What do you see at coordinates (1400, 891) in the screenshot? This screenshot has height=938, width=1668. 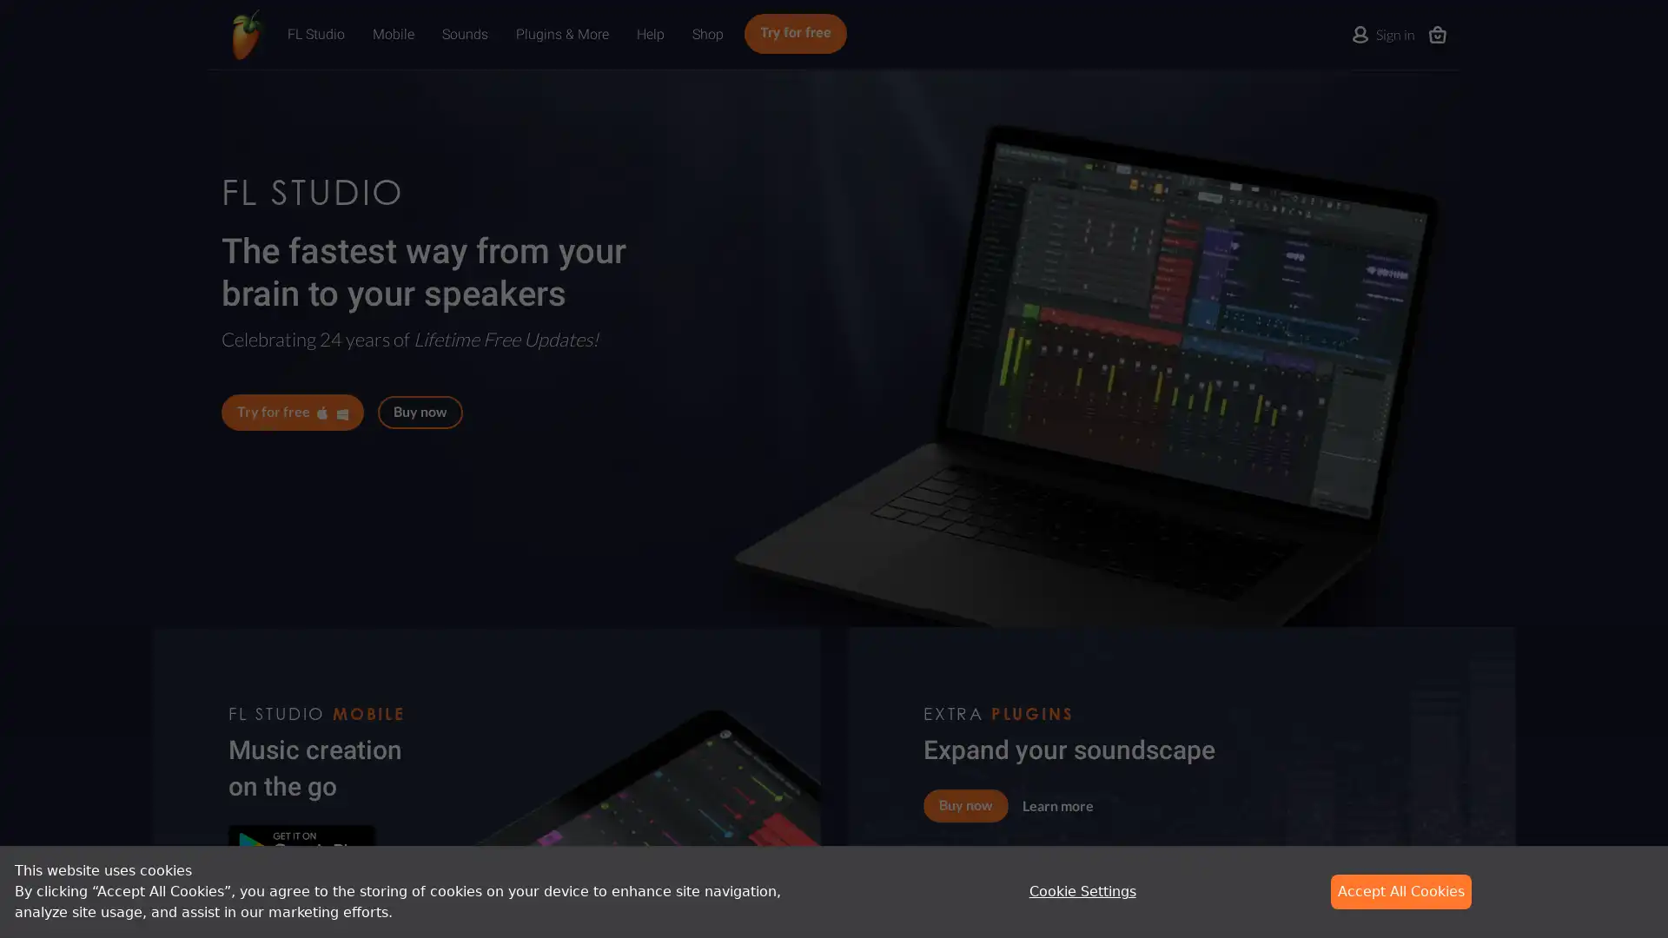 I see `Accept All Cookies` at bounding box center [1400, 891].